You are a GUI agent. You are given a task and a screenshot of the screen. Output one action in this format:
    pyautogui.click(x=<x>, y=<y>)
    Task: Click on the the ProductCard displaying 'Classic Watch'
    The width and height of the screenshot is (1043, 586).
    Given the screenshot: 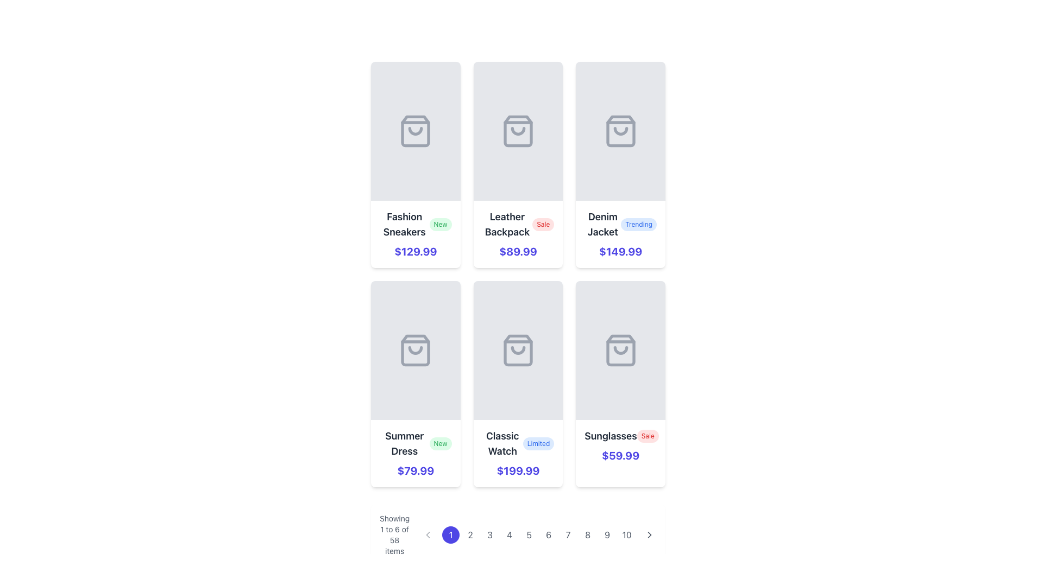 What is the action you would take?
    pyautogui.click(x=518, y=384)
    